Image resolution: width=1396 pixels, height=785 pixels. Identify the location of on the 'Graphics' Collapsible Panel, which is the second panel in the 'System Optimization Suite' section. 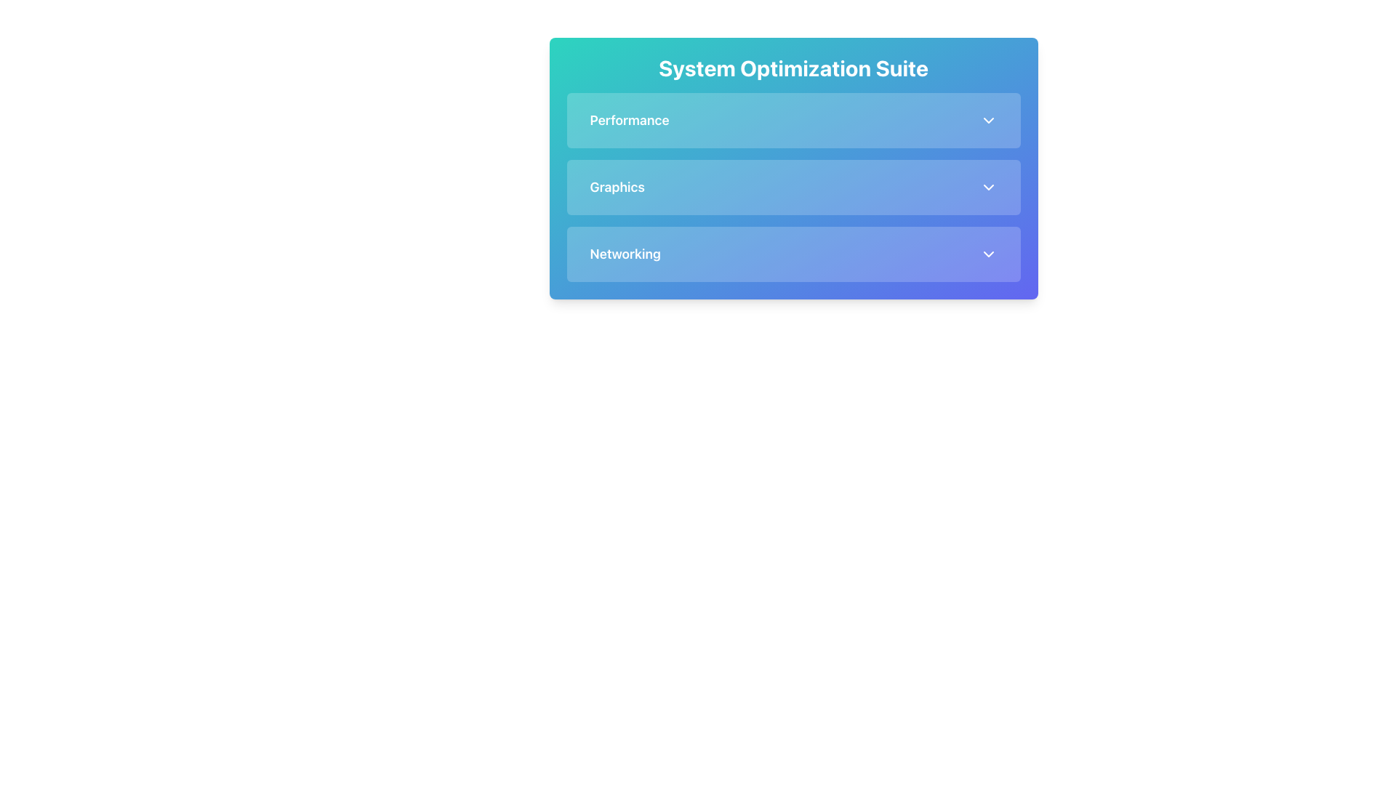
(793, 187).